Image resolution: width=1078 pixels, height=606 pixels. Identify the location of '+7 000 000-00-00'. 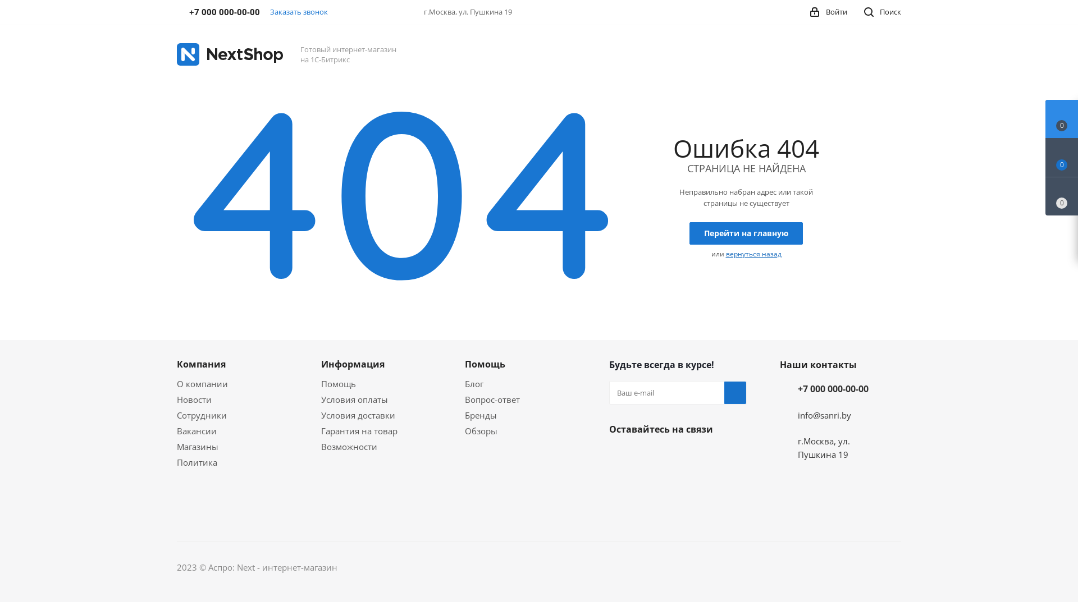
(833, 389).